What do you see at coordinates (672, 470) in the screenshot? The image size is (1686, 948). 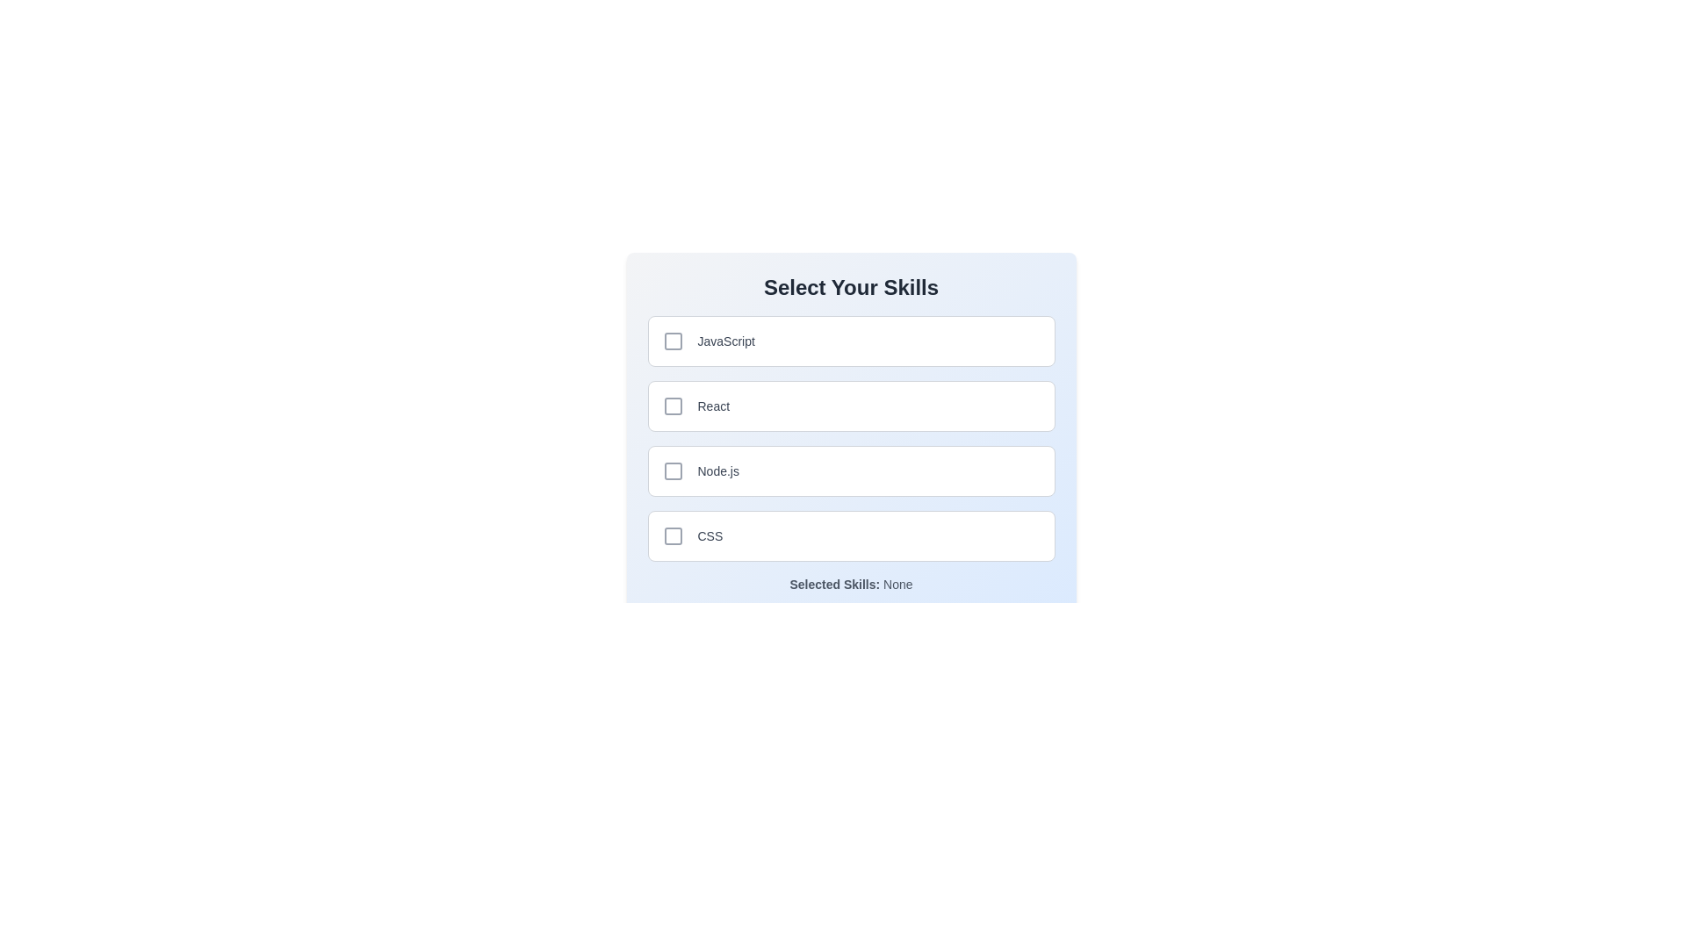 I see `the inner square of the 'Node.js' checkbox in the list of skills under 'Select Your Skills'` at bounding box center [672, 470].